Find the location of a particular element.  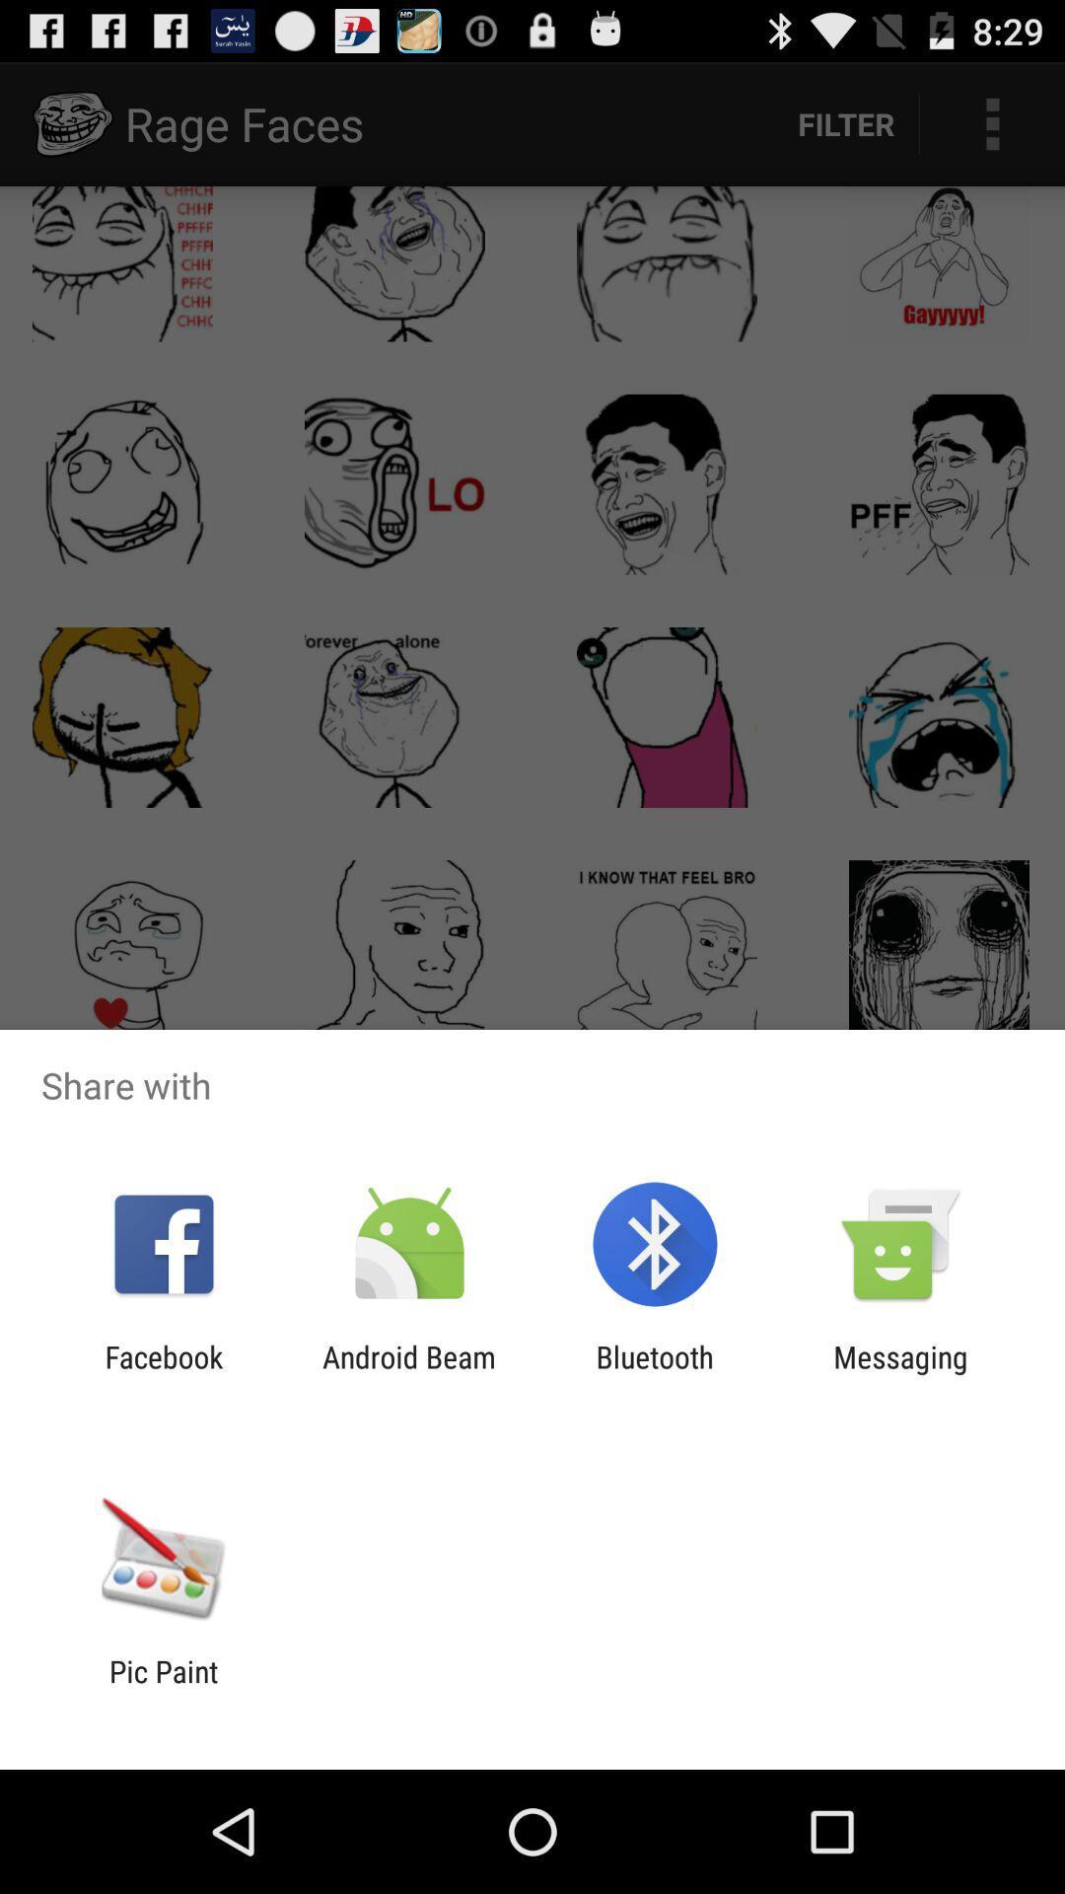

the app to the right of android beam is located at coordinates (655, 1373).